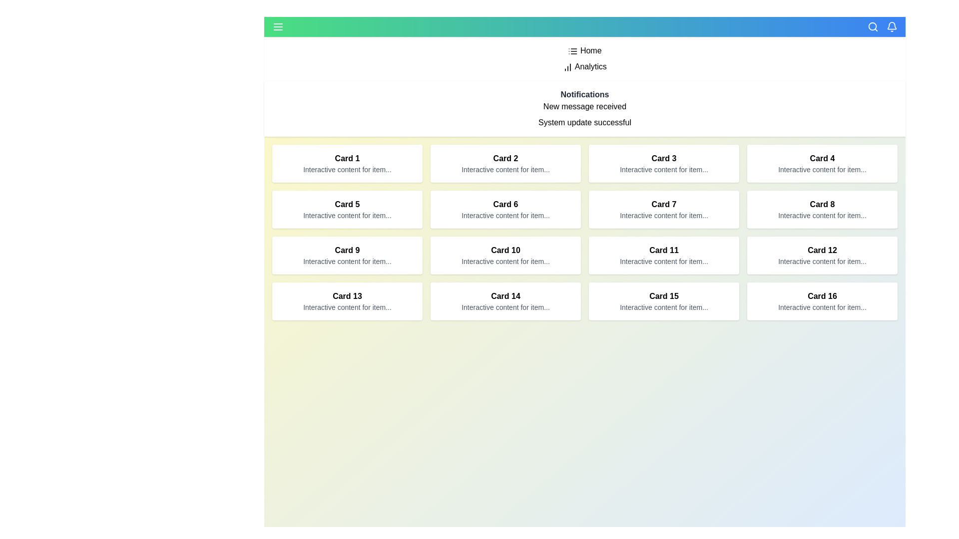 The width and height of the screenshot is (959, 539). Describe the element at coordinates (892, 26) in the screenshot. I see `the bell icon in the app bar to toggle the visibility of the notifications section` at that location.